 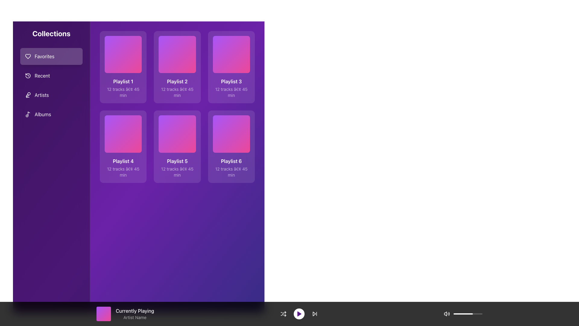 What do you see at coordinates (476, 314) in the screenshot?
I see `the volume` at bounding box center [476, 314].